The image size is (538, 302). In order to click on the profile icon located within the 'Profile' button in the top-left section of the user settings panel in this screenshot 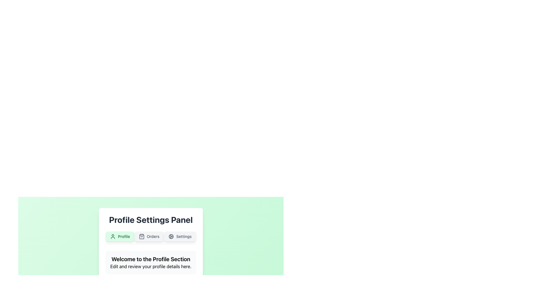, I will do `click(113, 236)`.